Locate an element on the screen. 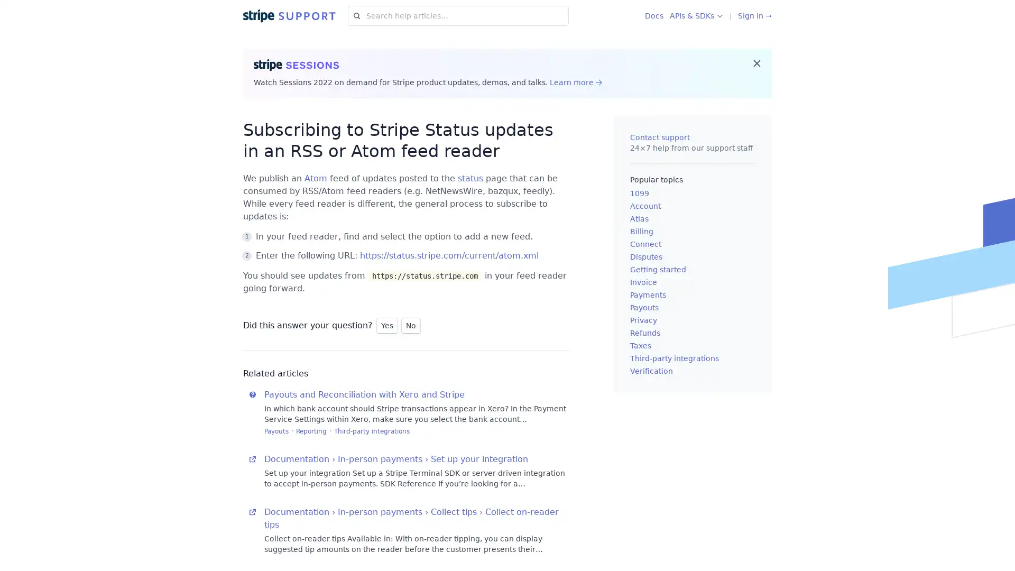 This screenshot has width=1015, height=571. Yes is located at coordinates (386, 325).